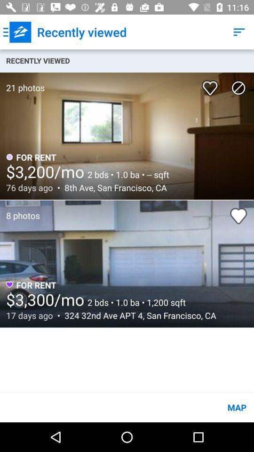  What do you see at coordinates (127, 407) in the screenshot?
I see `the map item` at bounding box center [127, 407].